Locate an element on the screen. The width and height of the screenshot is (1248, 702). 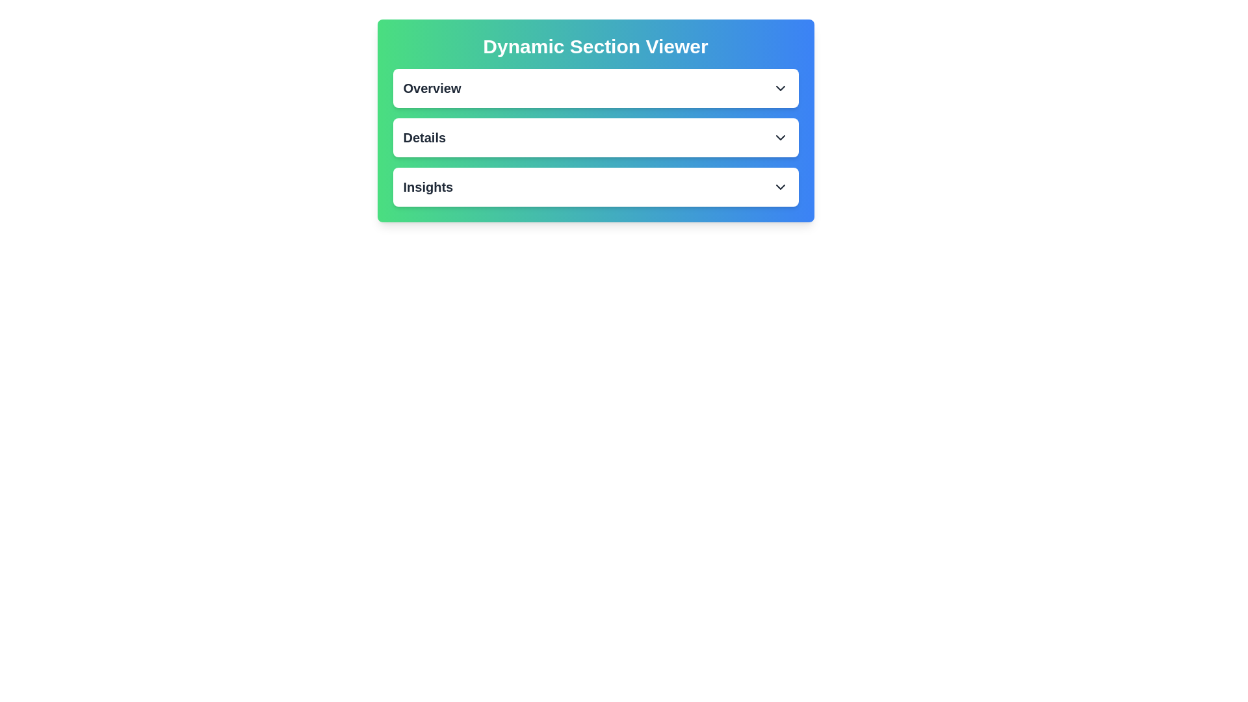
the label or text-based header serving as the title for the 'Details' section is located at coordinates (424, 138).